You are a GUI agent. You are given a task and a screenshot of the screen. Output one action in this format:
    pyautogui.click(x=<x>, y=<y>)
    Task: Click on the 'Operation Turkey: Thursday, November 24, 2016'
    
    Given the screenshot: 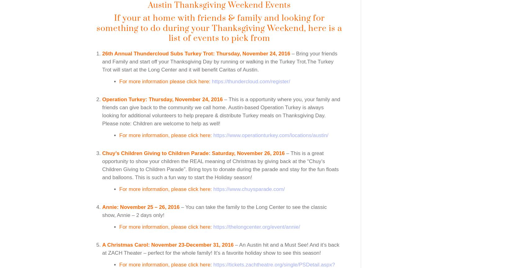 What is the action you would take?
    pyautogui.click(x=163, y=99)
    